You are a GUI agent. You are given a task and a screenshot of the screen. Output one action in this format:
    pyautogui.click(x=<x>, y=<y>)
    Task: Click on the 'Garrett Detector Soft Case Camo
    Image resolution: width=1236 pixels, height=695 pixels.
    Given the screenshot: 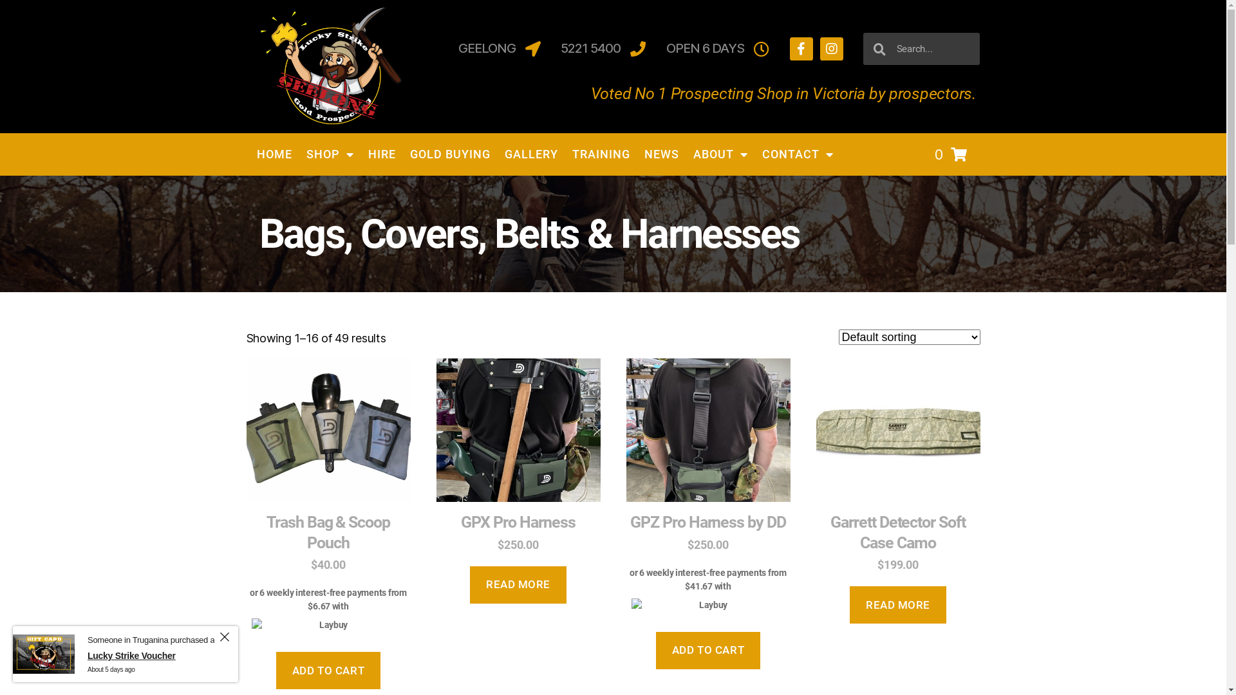 What is the action you would take?
    pyautogui.click(x=897, y=465)
    